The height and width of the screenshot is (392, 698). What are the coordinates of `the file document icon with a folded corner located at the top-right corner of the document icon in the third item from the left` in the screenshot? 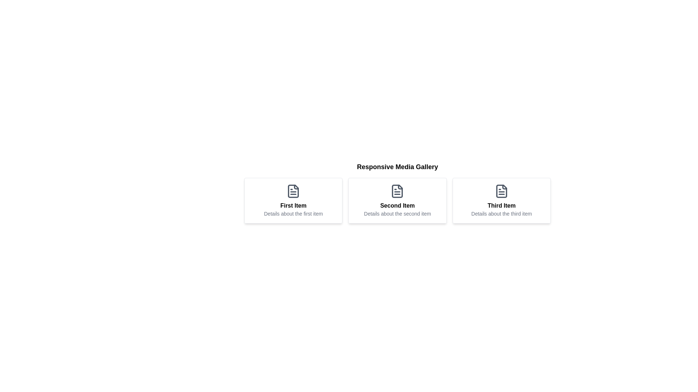 It's located at (504, 187).